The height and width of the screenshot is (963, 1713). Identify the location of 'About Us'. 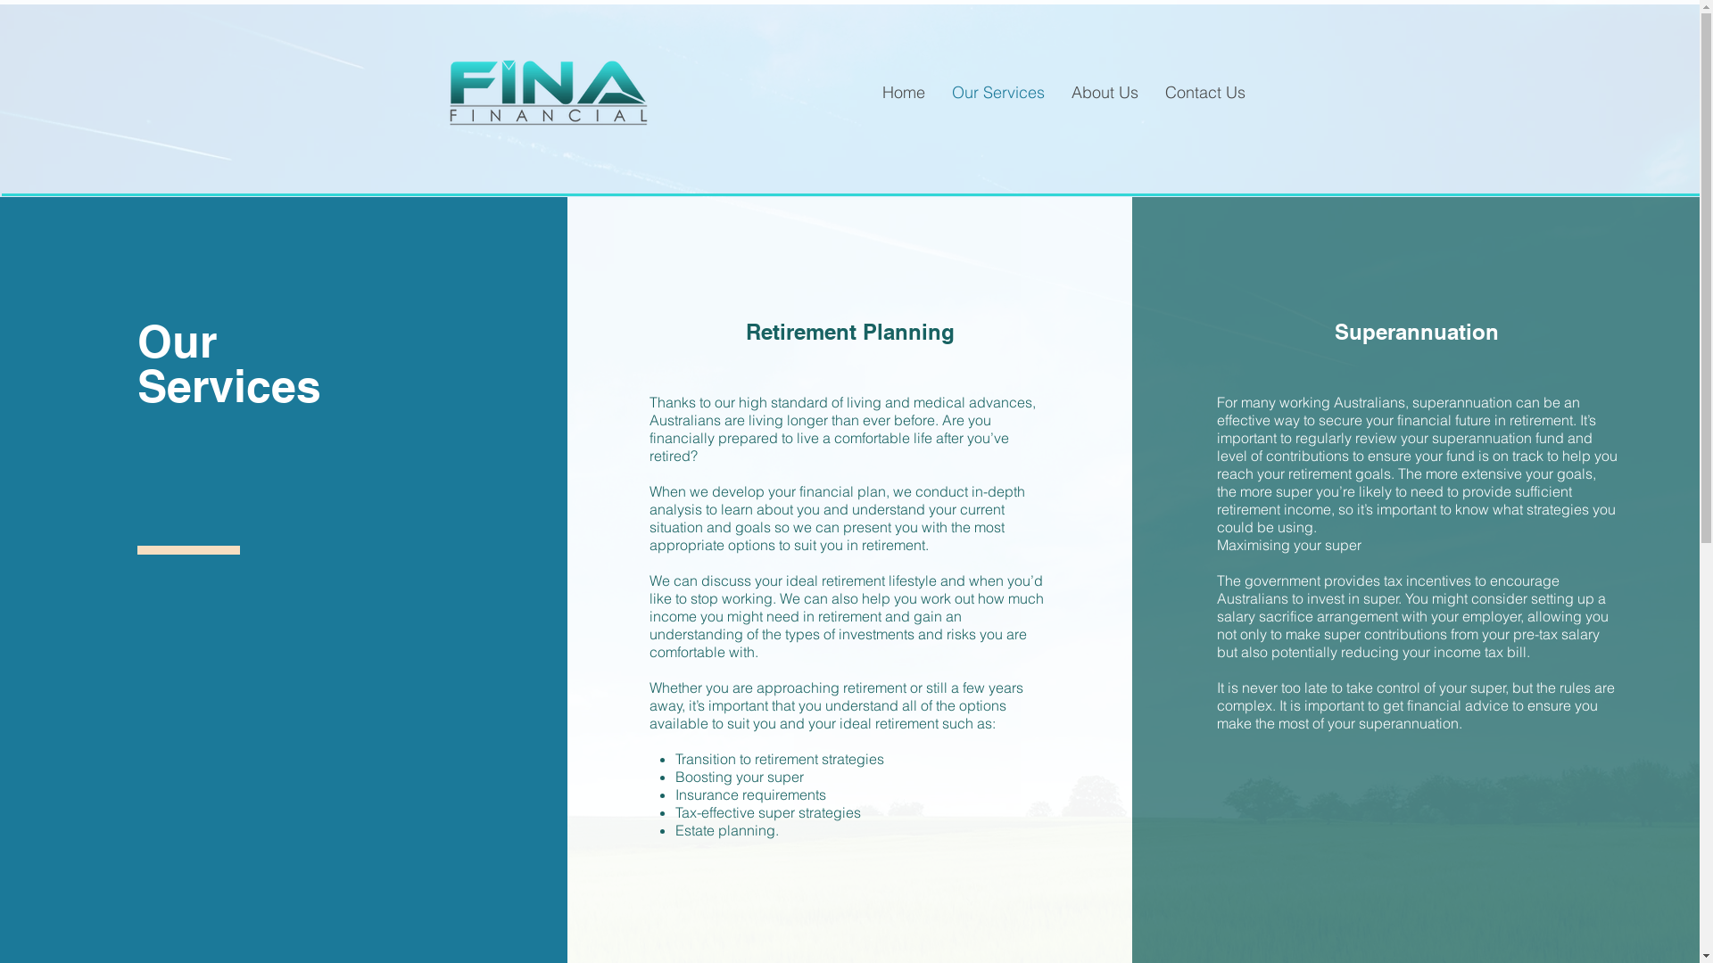
(1104, 93).